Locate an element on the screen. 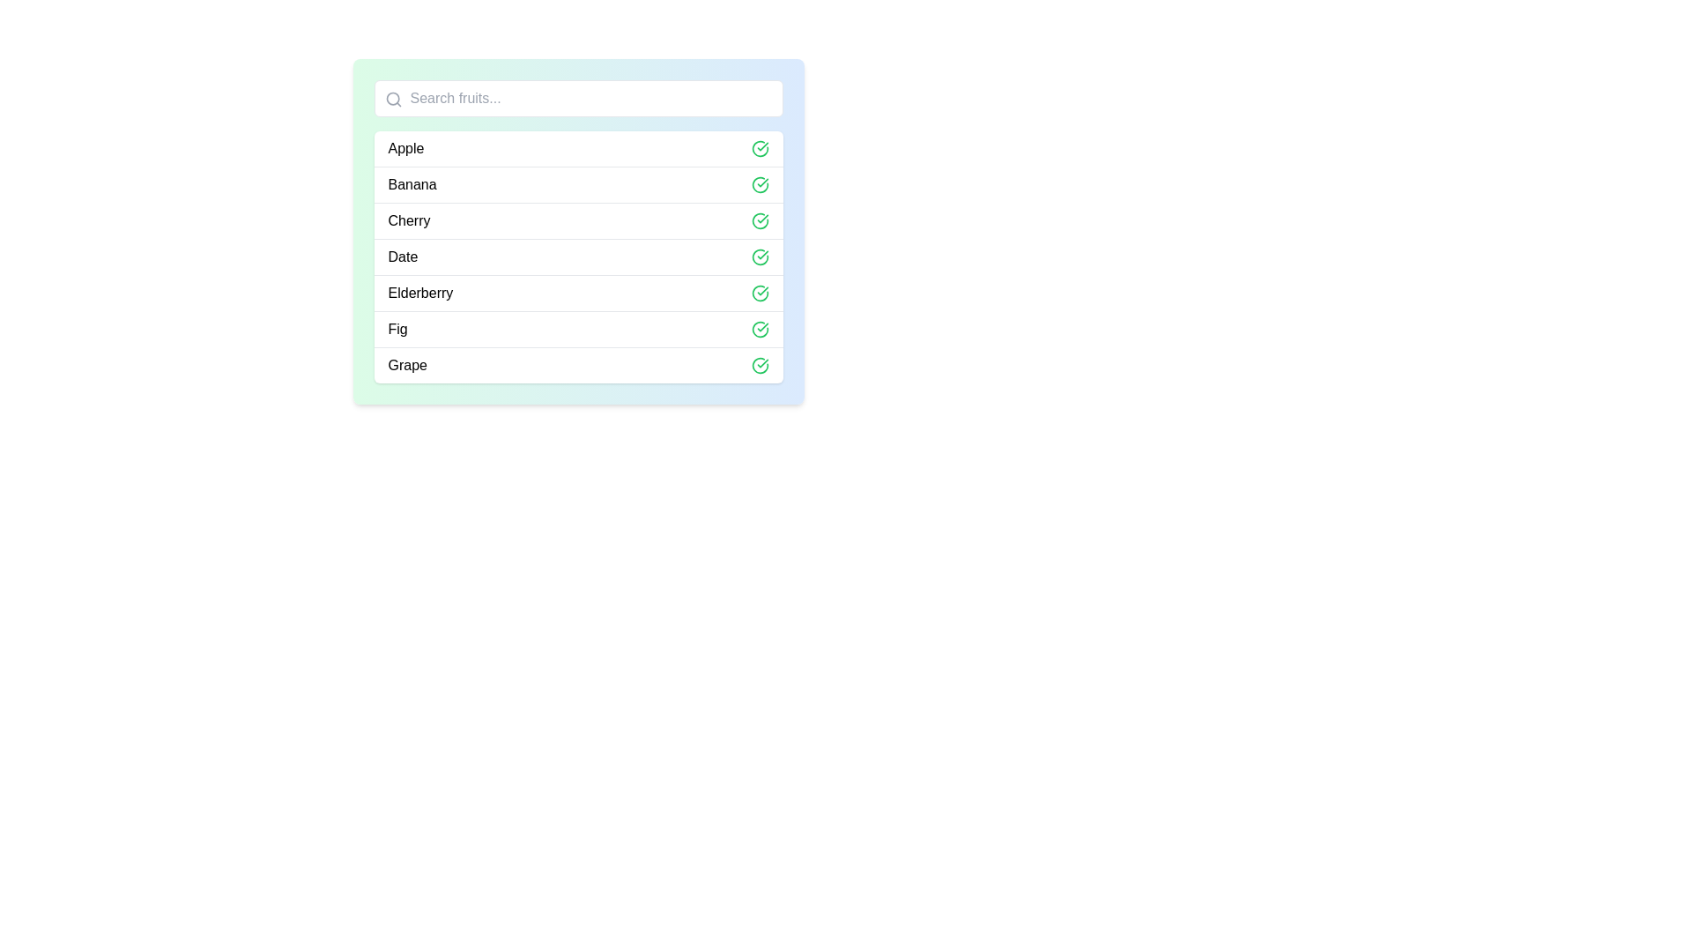  the list item displaying 'Grape' is located at coordinates (578, 364).